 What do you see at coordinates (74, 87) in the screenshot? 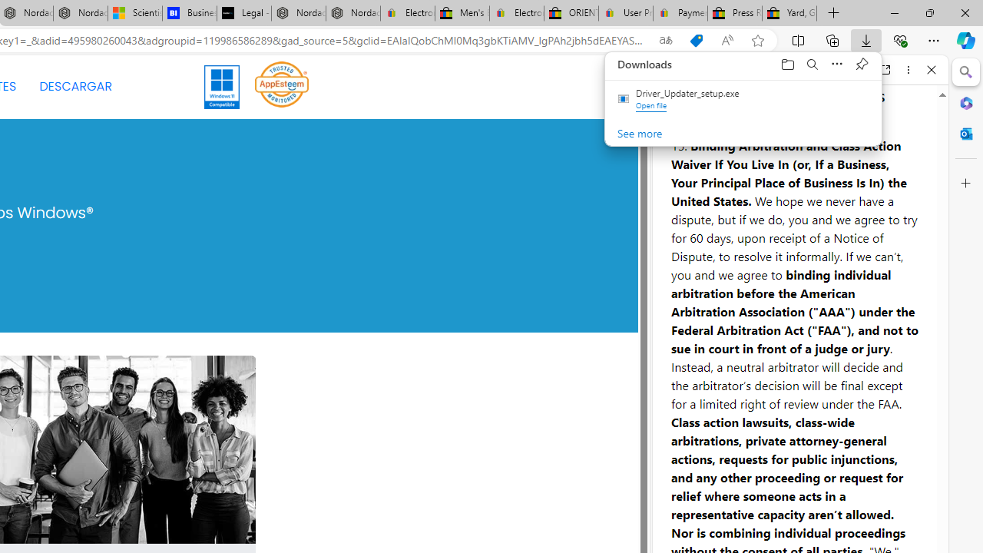
I see `'DESCARGAR'` at bounding box center [74, 87].